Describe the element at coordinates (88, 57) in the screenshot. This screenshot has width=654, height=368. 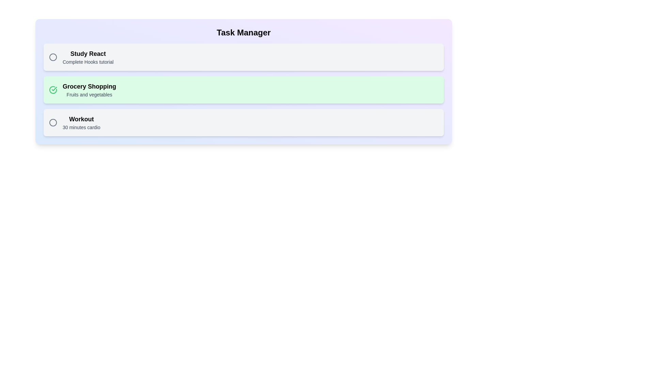
I see `the Labeled text element that reads 'Study React.'` at that location.